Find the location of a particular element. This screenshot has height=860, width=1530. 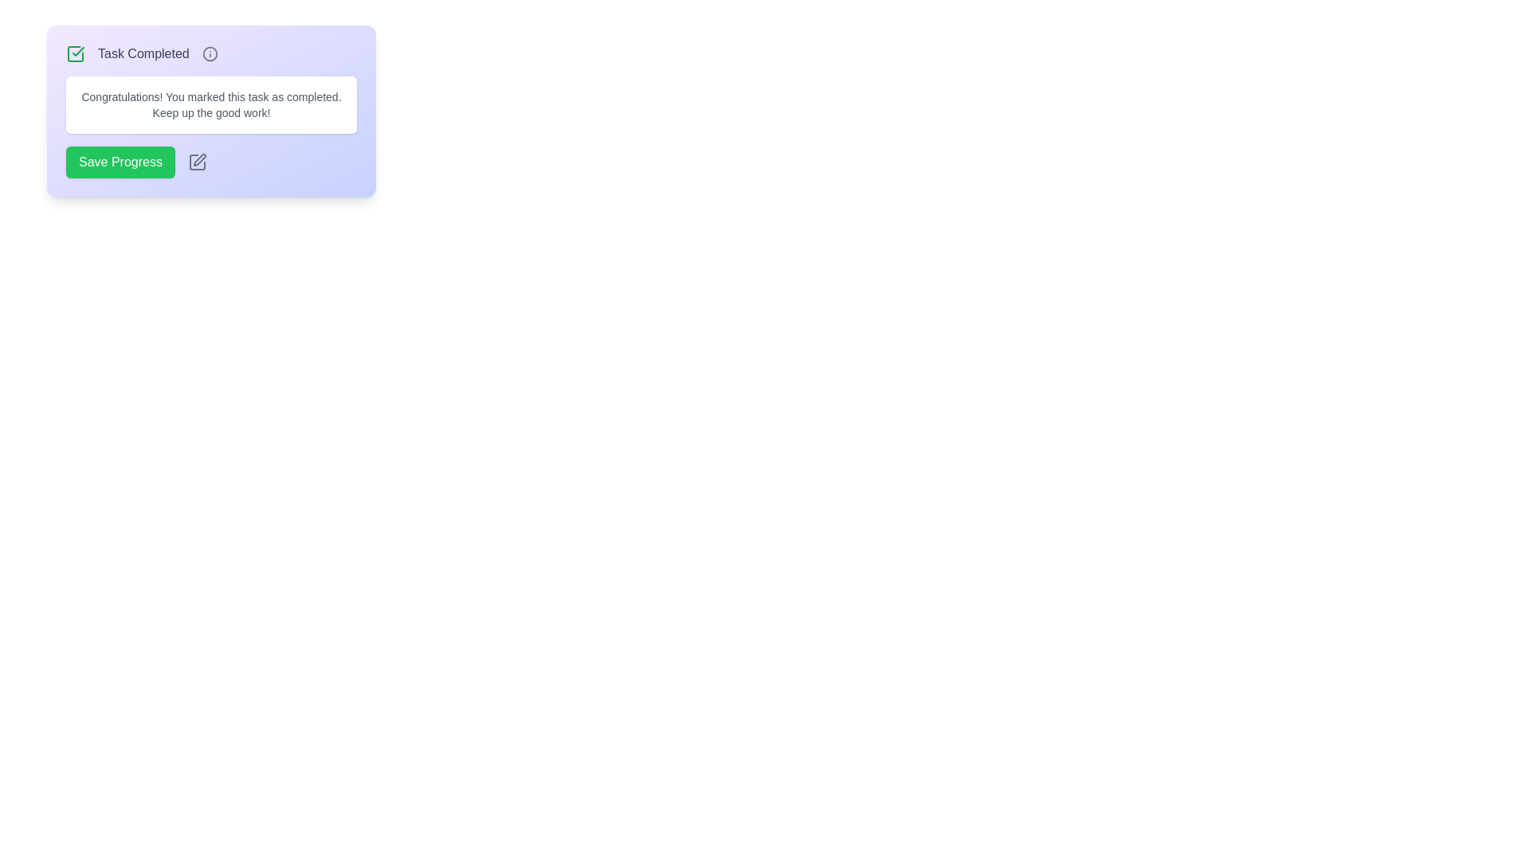

the congratulatory message that acknowledges task completion, which is centrally positioned below the 'Task Completed' row and above the 'Save Progress' button is located at coordinates (210, 104).